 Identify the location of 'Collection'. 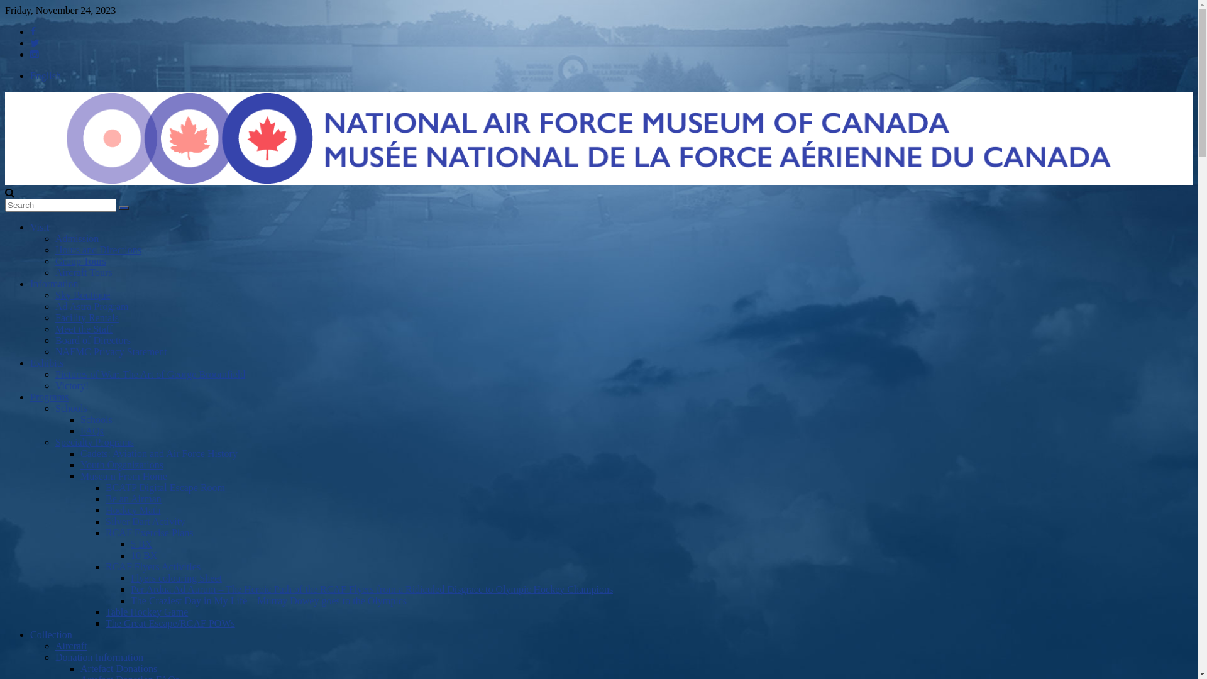
(50, 634).